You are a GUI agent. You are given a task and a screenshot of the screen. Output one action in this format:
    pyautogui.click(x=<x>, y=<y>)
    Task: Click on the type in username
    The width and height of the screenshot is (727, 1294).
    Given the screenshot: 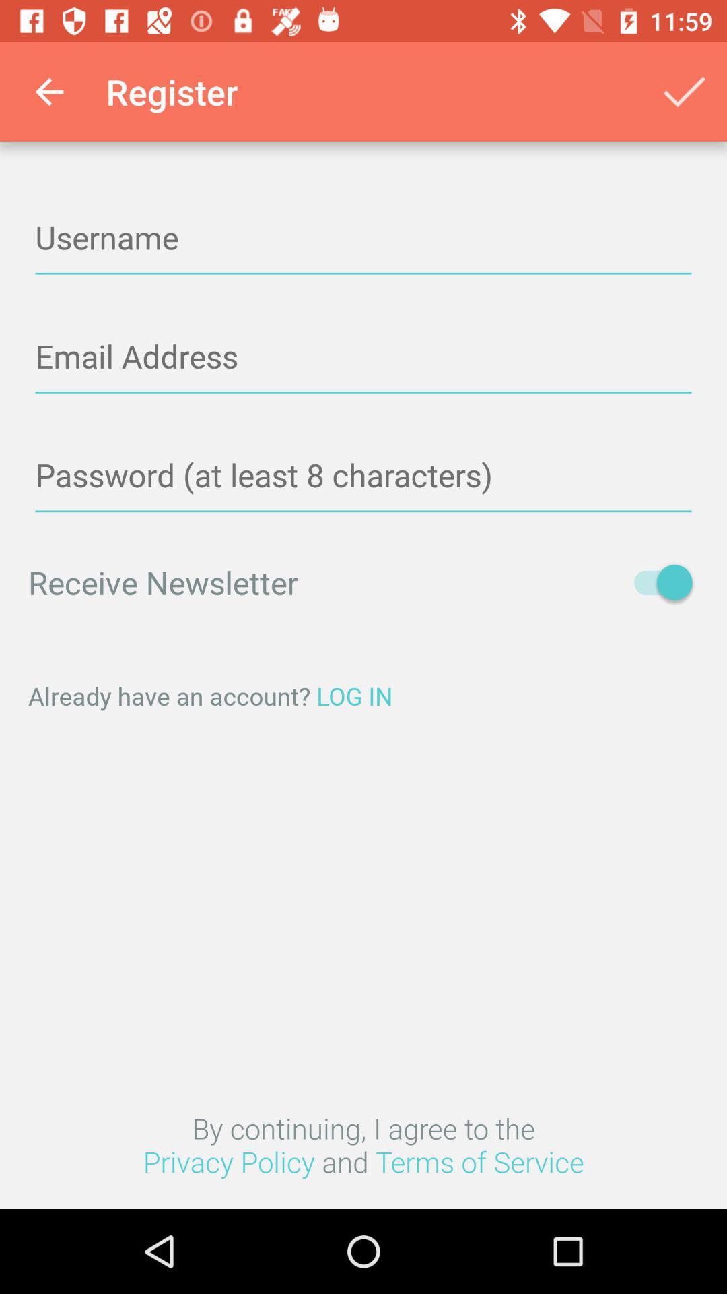 What is the action you would take?
    pyautogui.click(x=363, y=239)
    